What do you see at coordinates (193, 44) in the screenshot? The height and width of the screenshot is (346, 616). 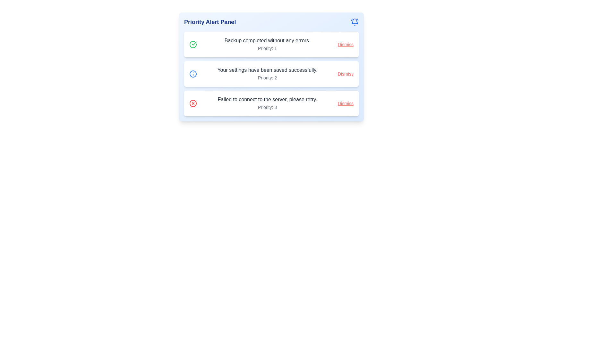 I see `the circular green icon with a check mark, which is located to the left of the notification message 'Backup completed without any errors.'` at bounding box center [193, 44].